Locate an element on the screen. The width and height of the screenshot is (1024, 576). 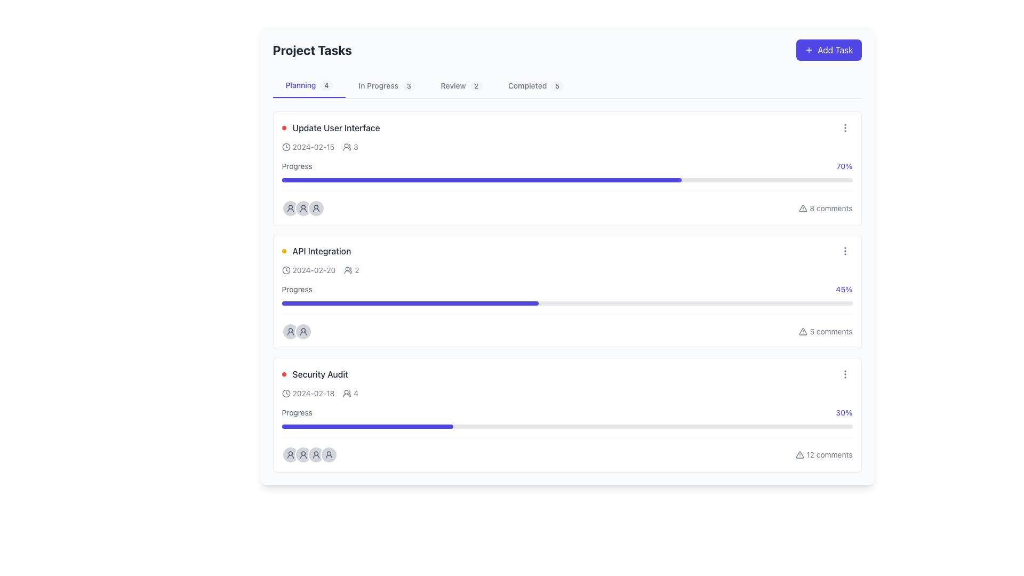
the vertical ellipsis button located at the upper-right of the 'Security Audit' row is located at coordinates (844, 374).